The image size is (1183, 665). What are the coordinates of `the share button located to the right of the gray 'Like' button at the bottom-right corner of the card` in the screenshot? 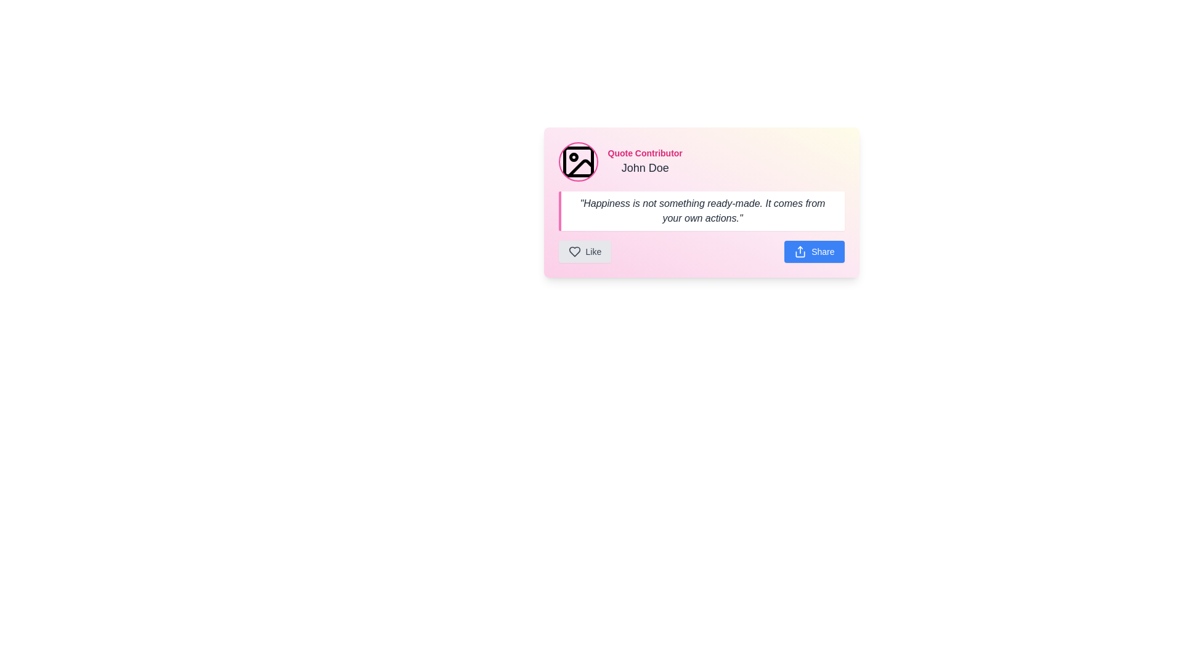 It's located at (814, 251).